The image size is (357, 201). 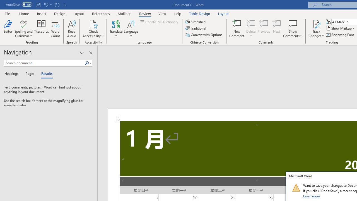 What do you see at coordinates (177, 13) in the screenshot?
I see `'Help'` at bounding box center [177, 13].